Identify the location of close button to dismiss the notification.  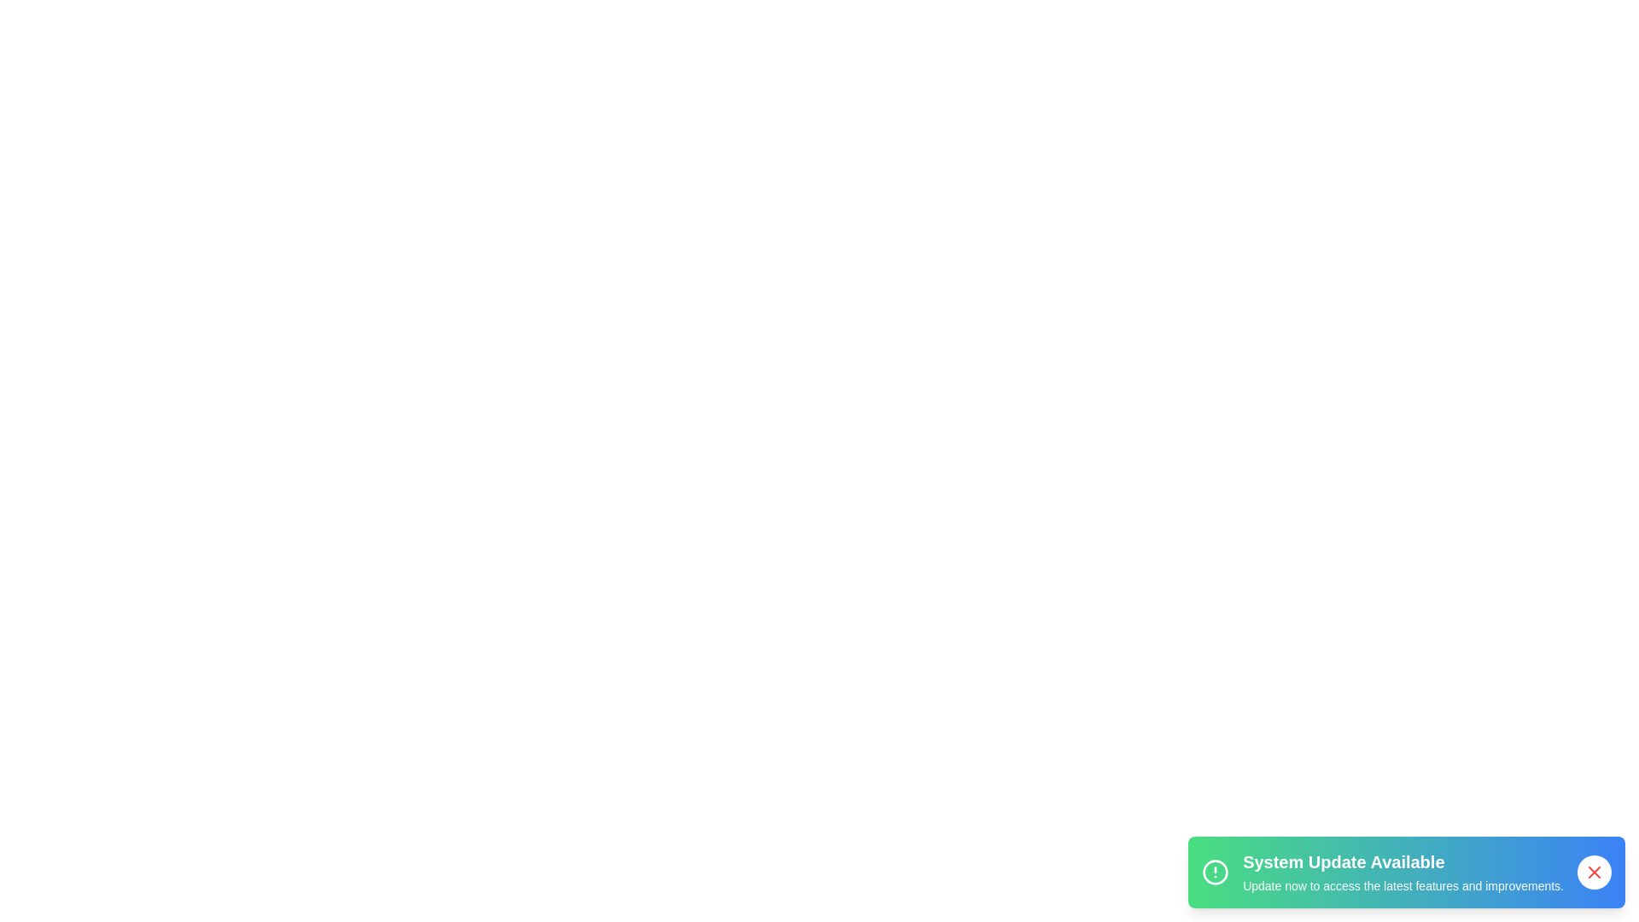
(1593, 872).